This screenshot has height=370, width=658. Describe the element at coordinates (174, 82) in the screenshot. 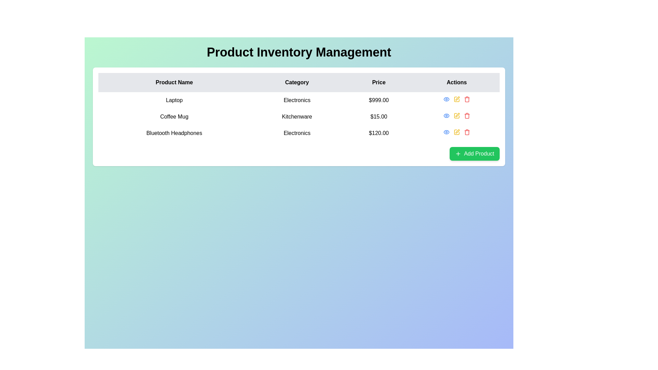

I see `the header label indicating the product names in the table, which is positioned at the far left of the header row` at that location.